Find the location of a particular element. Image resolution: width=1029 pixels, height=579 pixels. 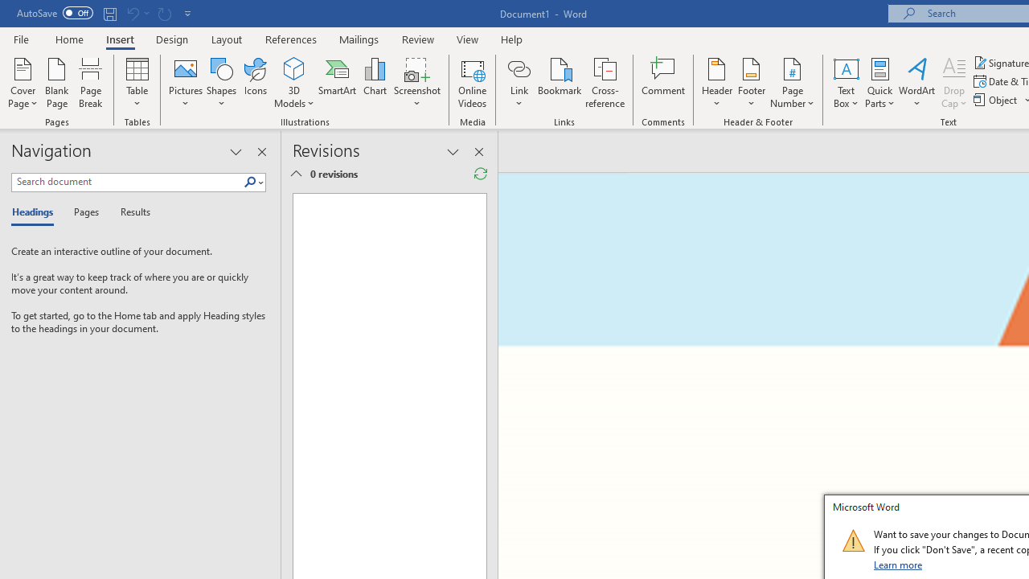

'Cross-reference...' is located at coordinates (604, 83).